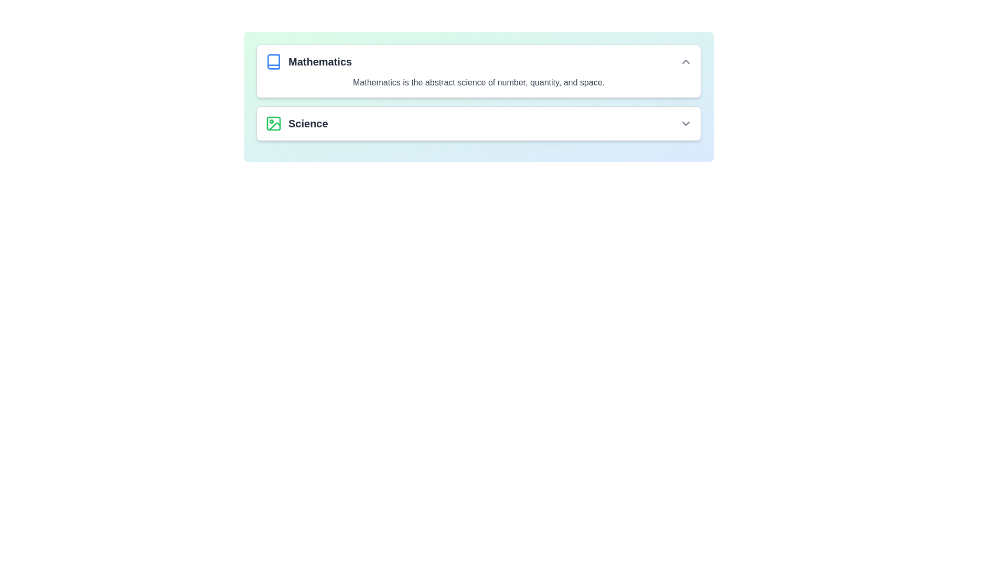 This screenshot has width=1007, height=566. What do you see at coordinates (478, 82) in the screenshot?
I see `the text label that reads 'Mathematics is the abstract science of number, quantity, and space.' located in the 'Mathematics' section of the panel` at bounding box center [478, 82].